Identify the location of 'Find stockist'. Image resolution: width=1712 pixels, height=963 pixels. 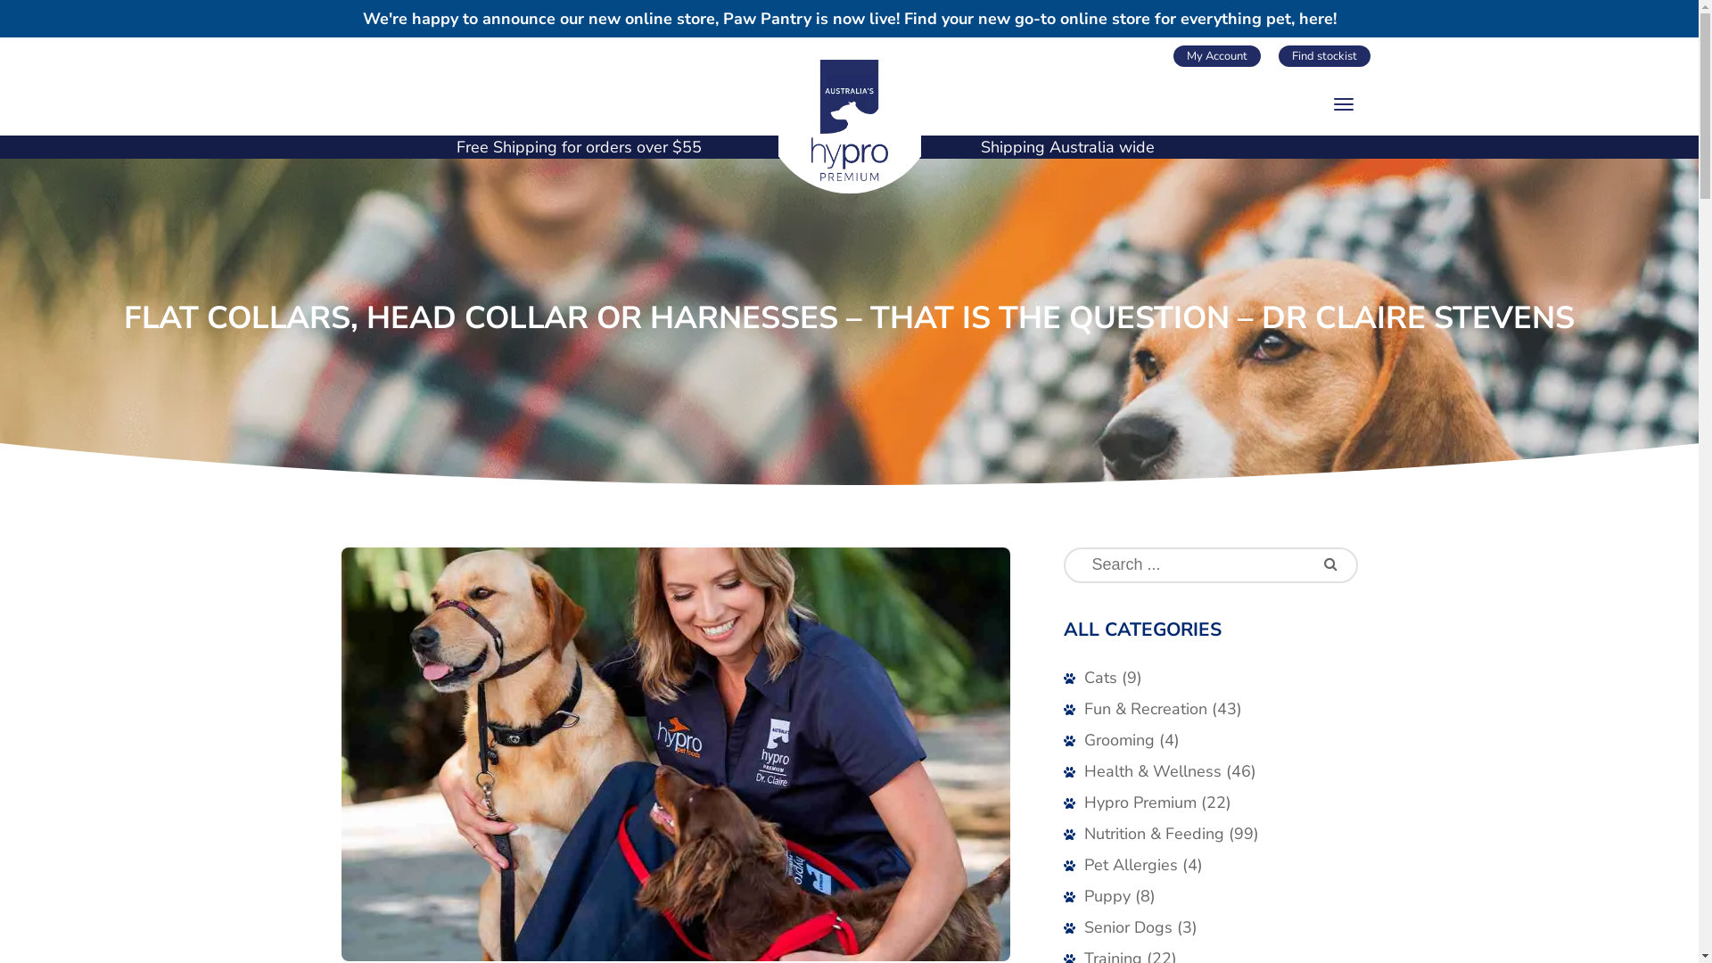
(1324, 54).